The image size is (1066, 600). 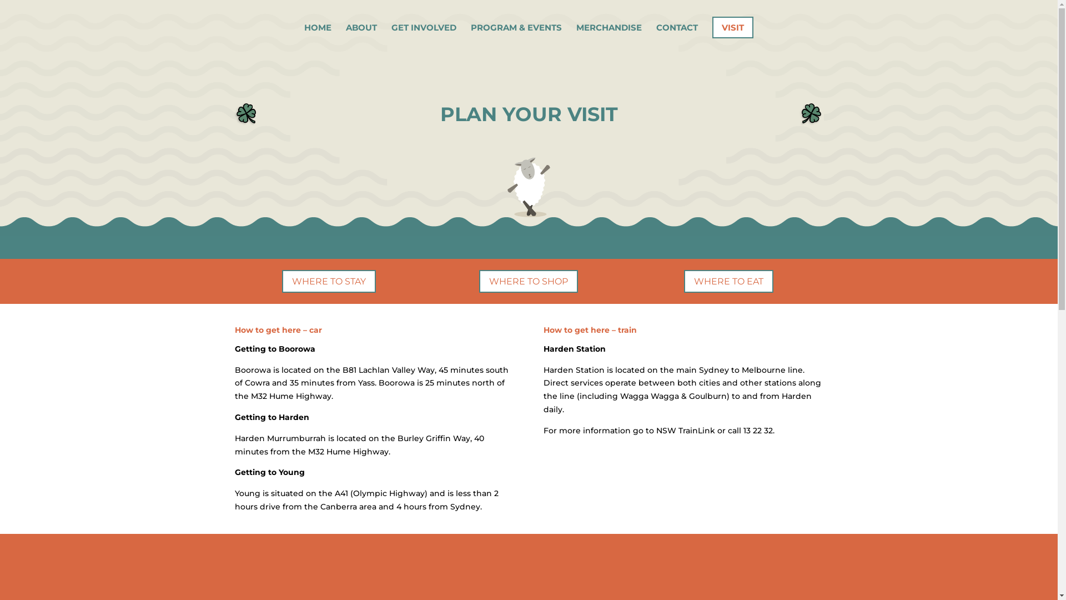 I want to click on 'WHERE TO SHOP', so click(x=527, y=281).